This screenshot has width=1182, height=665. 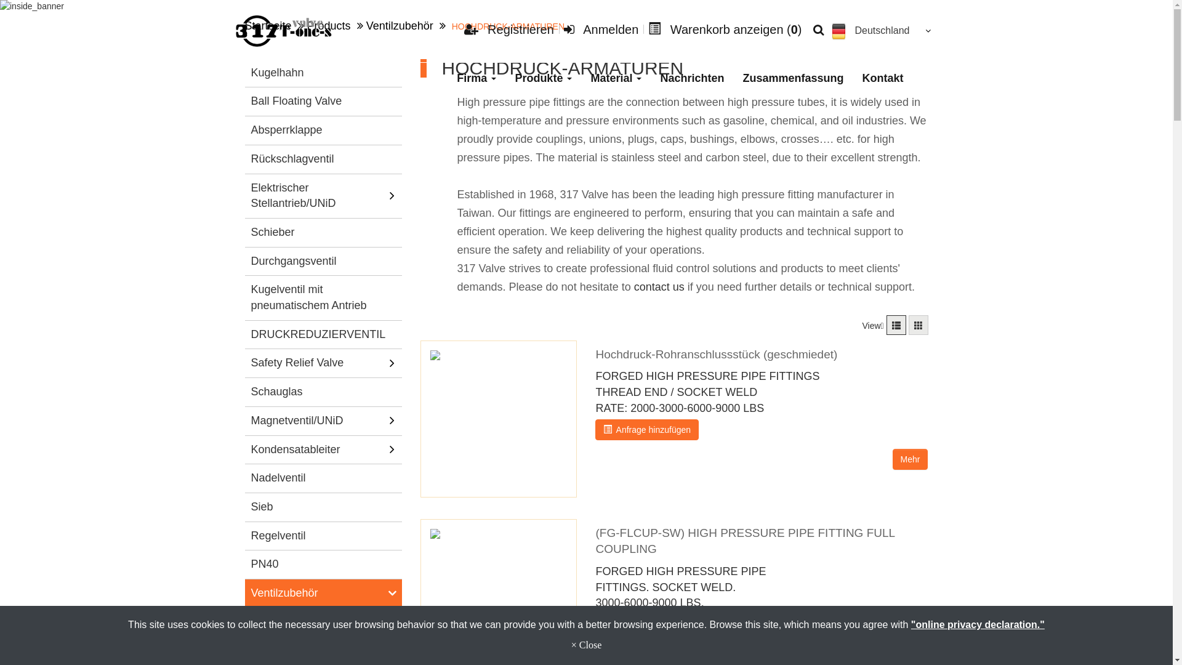 I want to click on '"online privacy declaration."', so click(x=977, y=624).